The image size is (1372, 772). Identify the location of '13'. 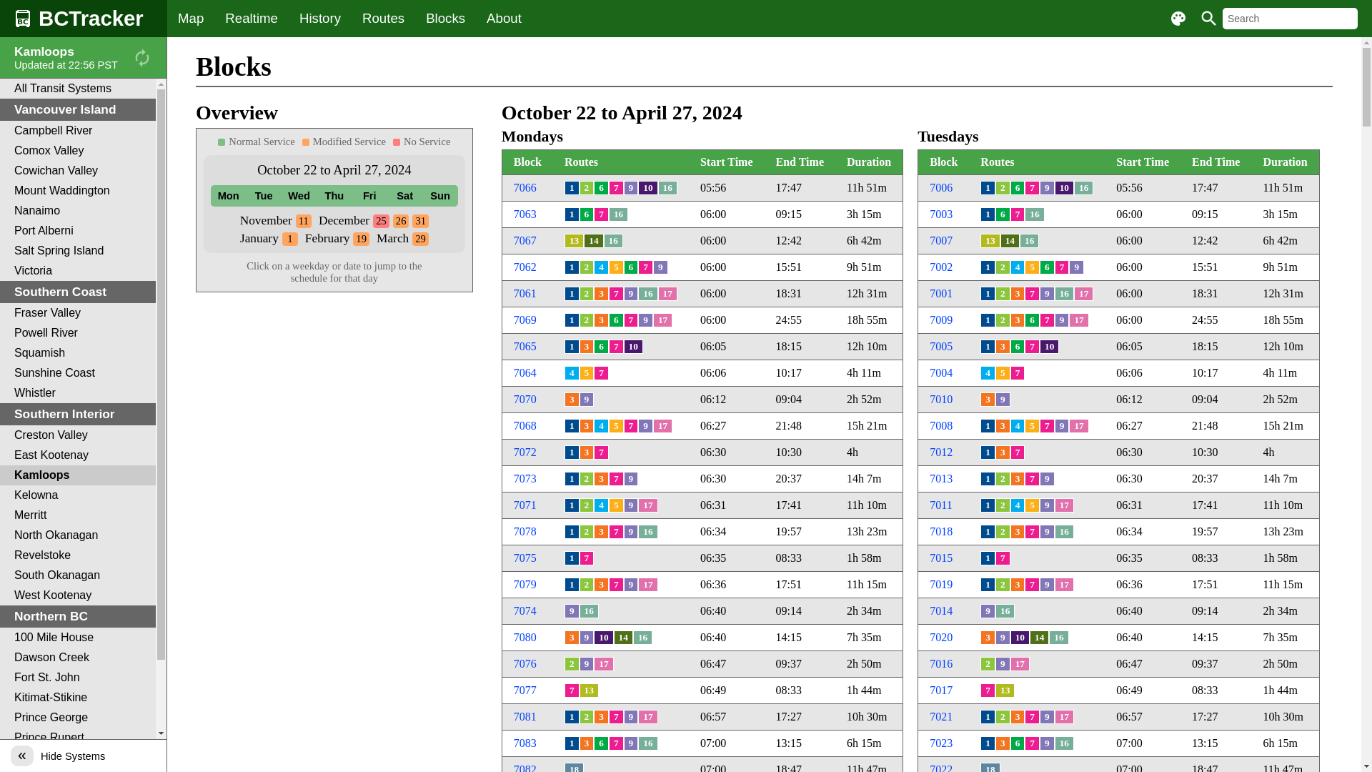
(574, 239).